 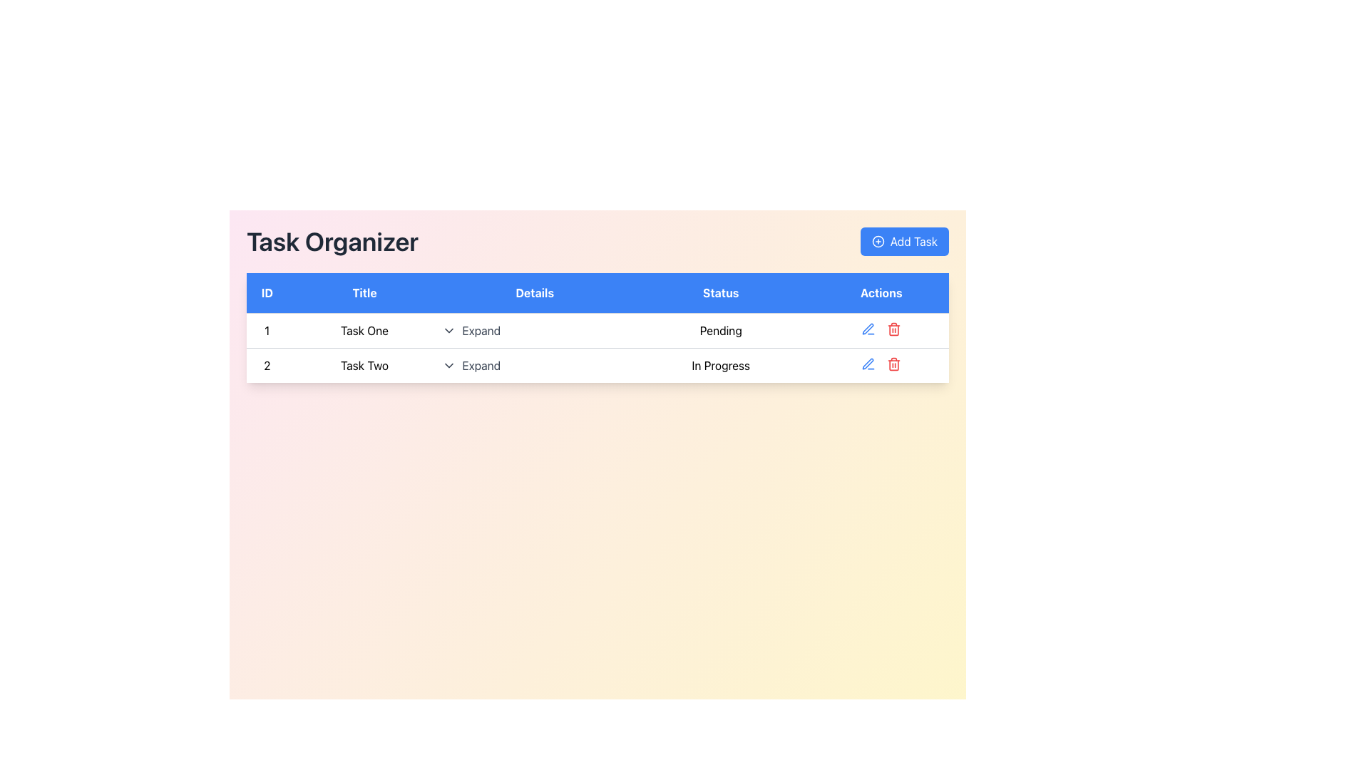 I want to click on the interactive button with a downward-pointing chevron icon and the text 'Expand' in the 'Details' column of the second row in the 'Task Organizer' table to activate hover effects, so click(x=471, y=365).